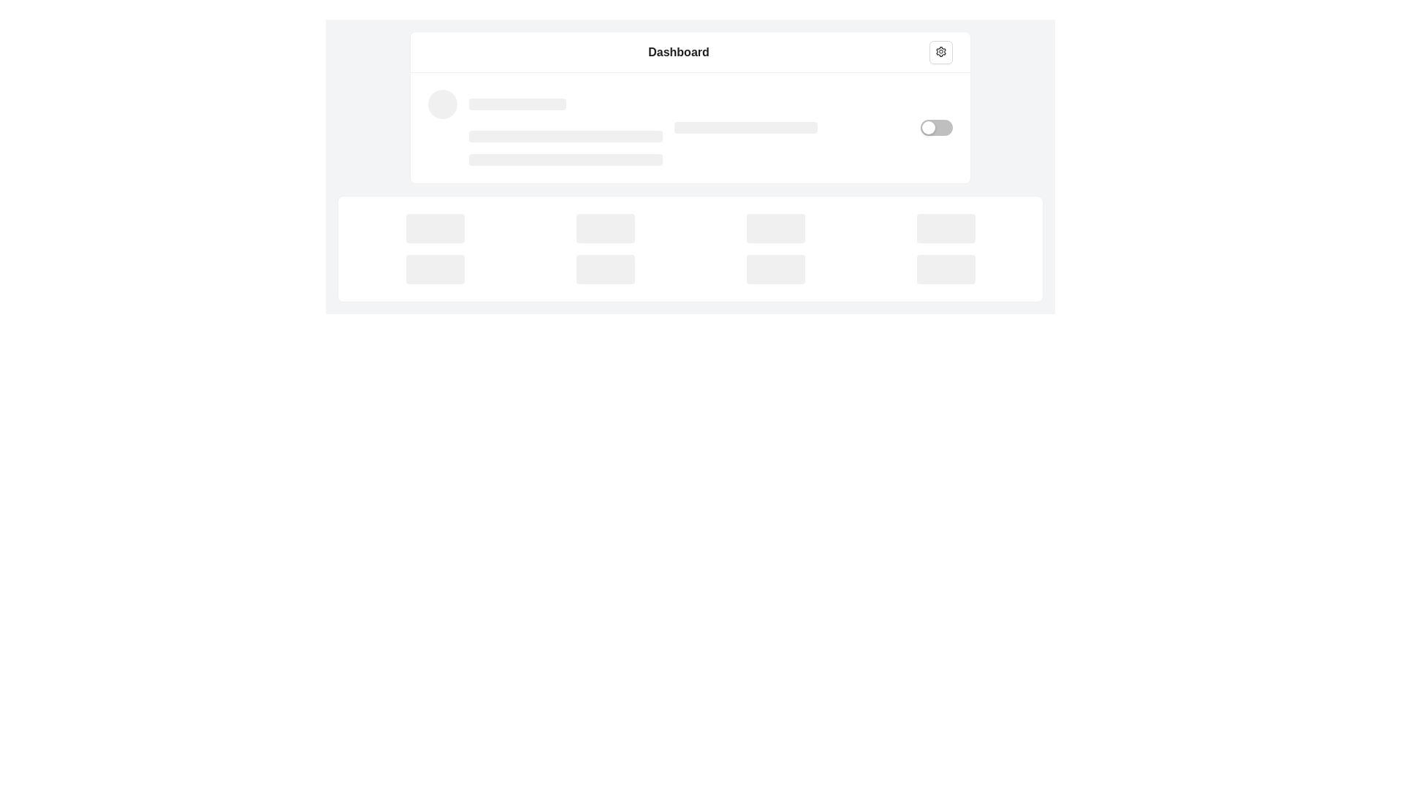 Image resolution: width=1403 pixels, height=789 pixels. I want to click on the Skeleton placeholder located in the bottom-most row and last column of the 4x4 grid layout, so click(946, 270).